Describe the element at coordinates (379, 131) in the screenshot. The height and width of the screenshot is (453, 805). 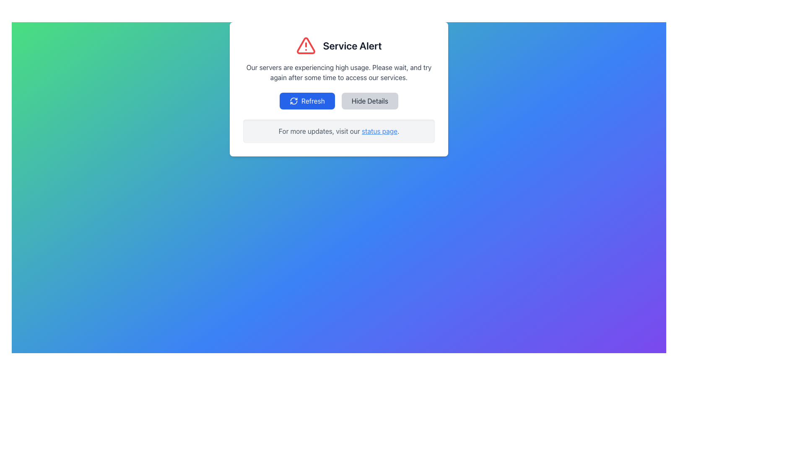
I see `the hyperlink at the end of the phrase 'For more updates, visit our status page.'` at that location.